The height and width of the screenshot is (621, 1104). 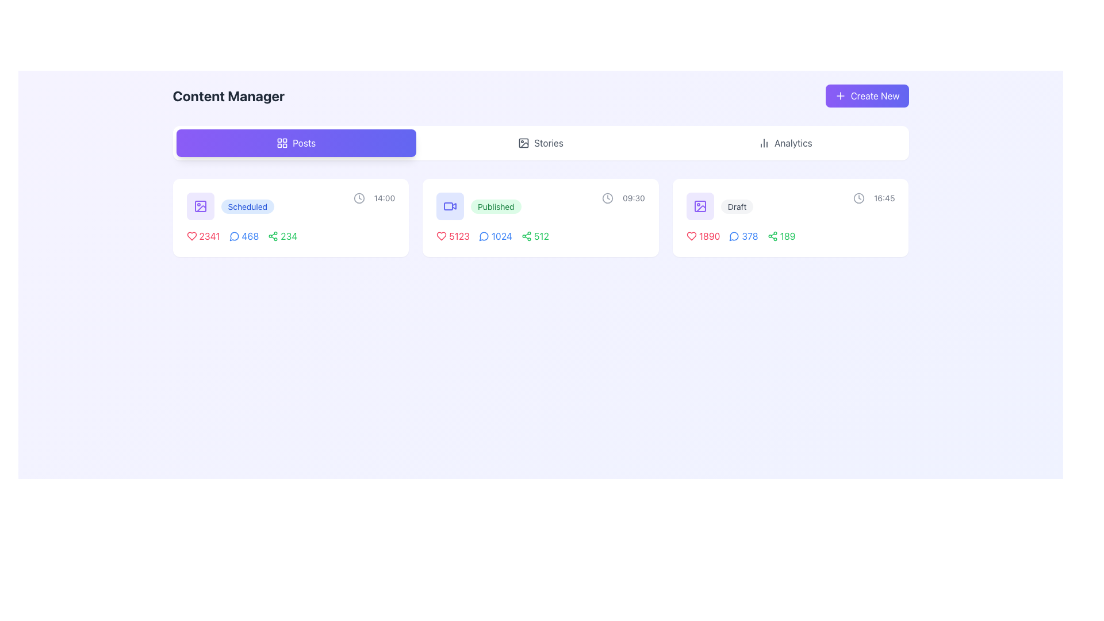 What do you see at coordinates (743, 236) in the screenshot?
I see `the number of interactions displayed as '378' with a blue chat bubble icon in the 'Draft' card of the 'Posts' section` at bounding box center [743, 236].